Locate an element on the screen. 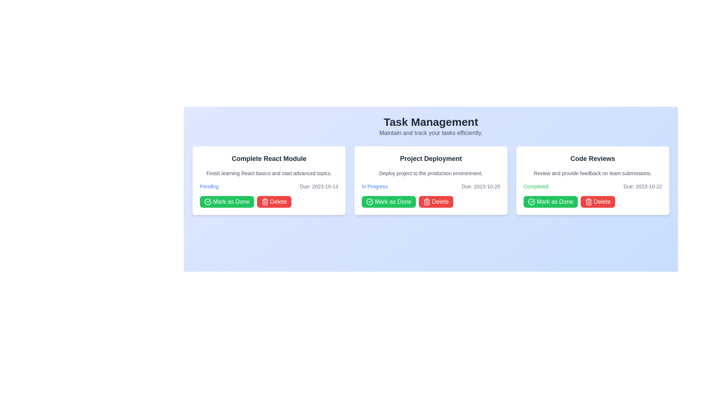 The height and width of the screenshot is (395, 703). the 'Delete' button located in the bottom section of the 'Complete React Module' card, which is horizontally centered below the text 'Pending Due: 2023-10-14' is located at coordinates (268, 202).